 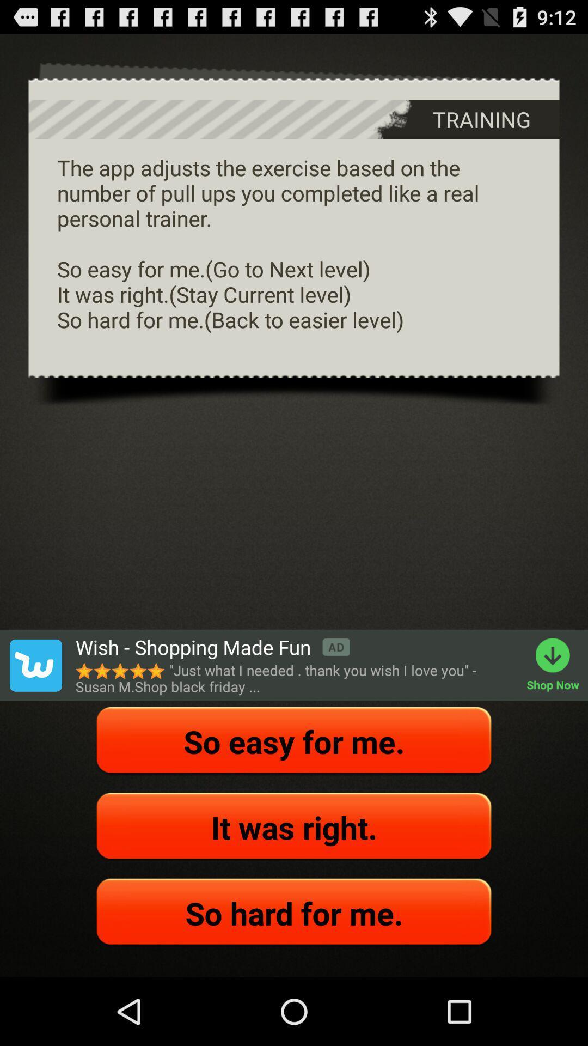 What do you see at coordinates (212, 647) in the screenshot?
I see `item to the left of shop now icon` at bounding box center [212, 647].